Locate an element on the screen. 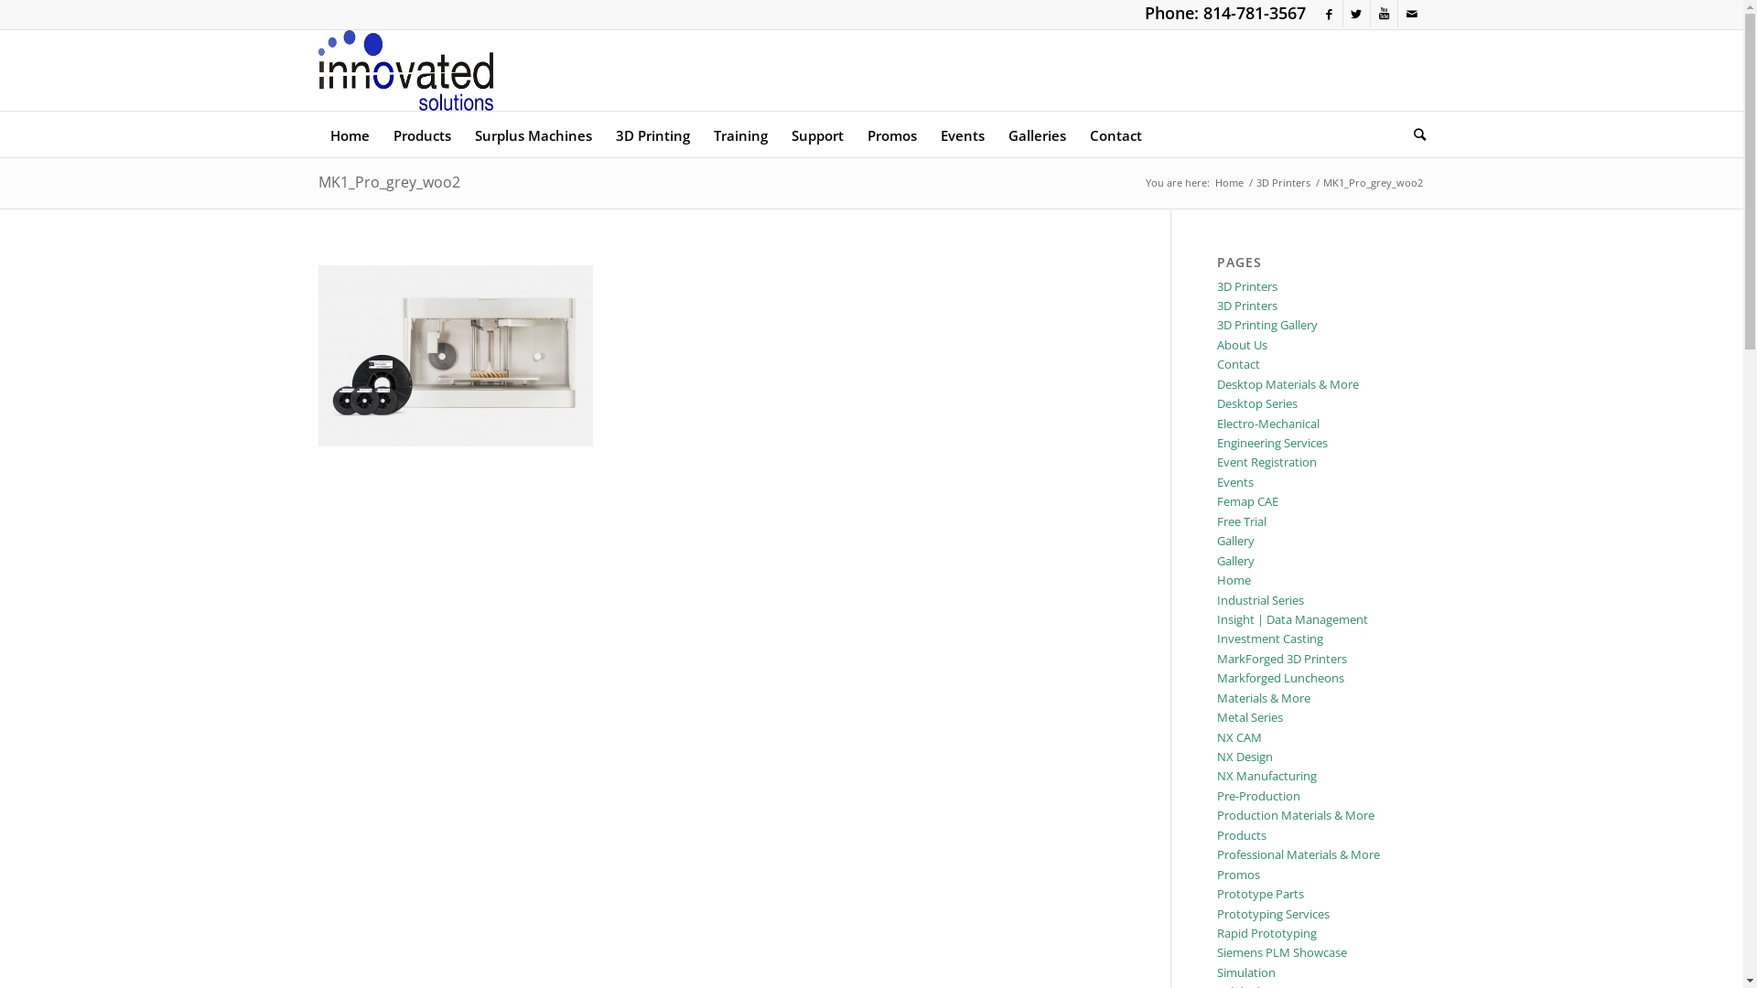  'NX CAM' is located at coordinates (1239, 736).